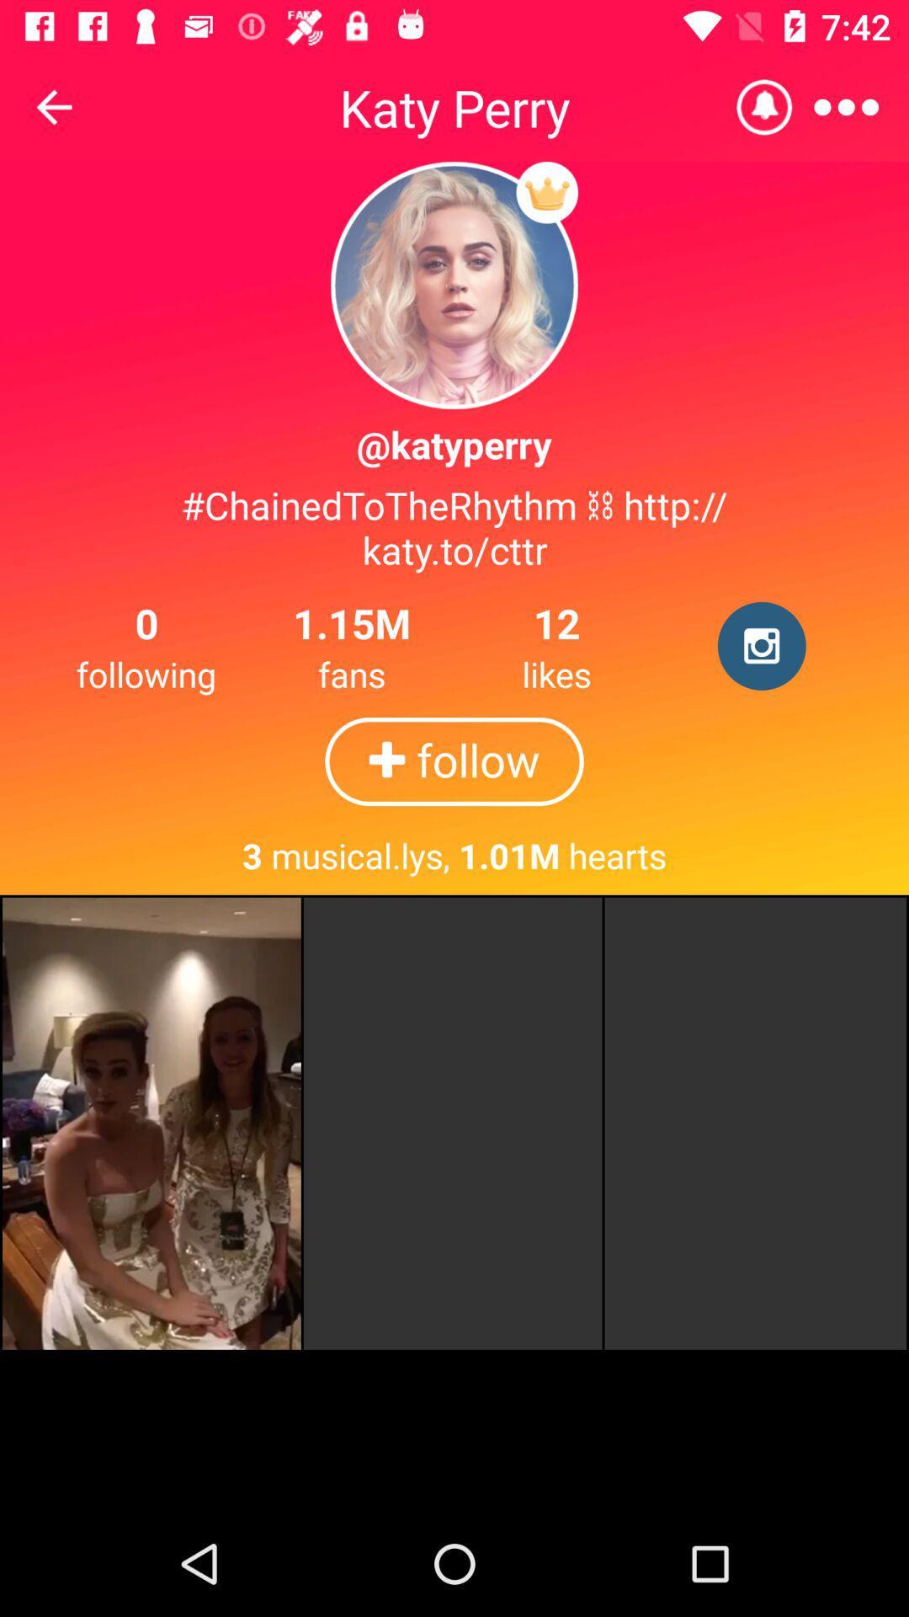 Image resolution: width=909 pixels, height=1617 pixels. What do you see at coordinates (764, 106) in the screenshot?
I see `the notifications icon` at bounding box center [764, 106].